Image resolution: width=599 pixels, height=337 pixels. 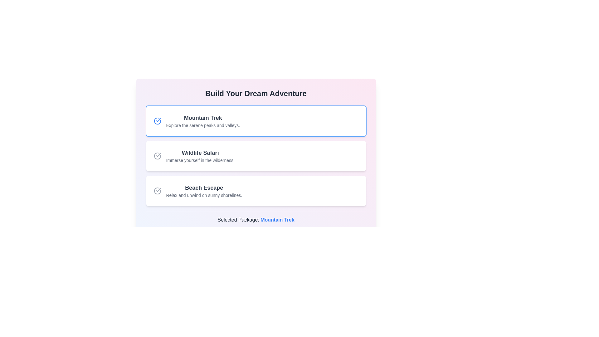 I want to click on the checkmark icon enclosed in a circular outline, which is located in the first option card under the title 'Mountain Trek', so click(x=157, y=121).